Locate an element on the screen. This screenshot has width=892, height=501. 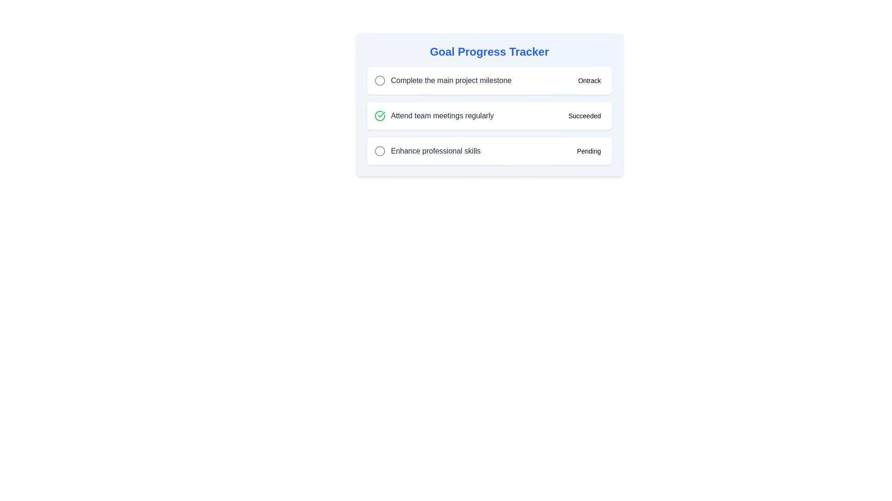
the circular icon with a hollow center and thin border that is adjacent to the 'Enhance professional skills' text label by moving the cursor to its center is located at coordinates (380, 151).